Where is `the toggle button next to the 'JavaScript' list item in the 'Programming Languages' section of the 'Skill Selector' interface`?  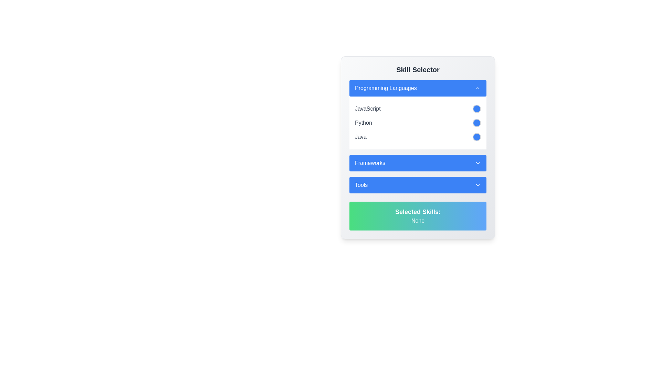
the toggle button next to the 'JavaScript' list item in the 'Programming Languages' section of the 'Skill Selector' interface is located at coordinates (418, 108).